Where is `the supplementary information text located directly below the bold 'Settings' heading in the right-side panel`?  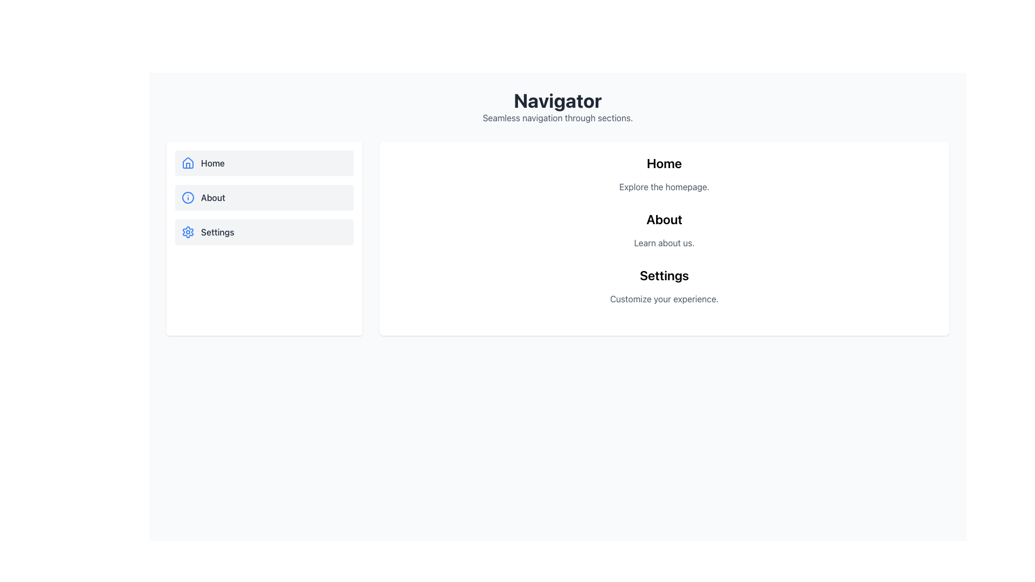 the supplementary information text located directly below the bold 'Settings' heading in the right-side panel is located at coordinates (664, 299).